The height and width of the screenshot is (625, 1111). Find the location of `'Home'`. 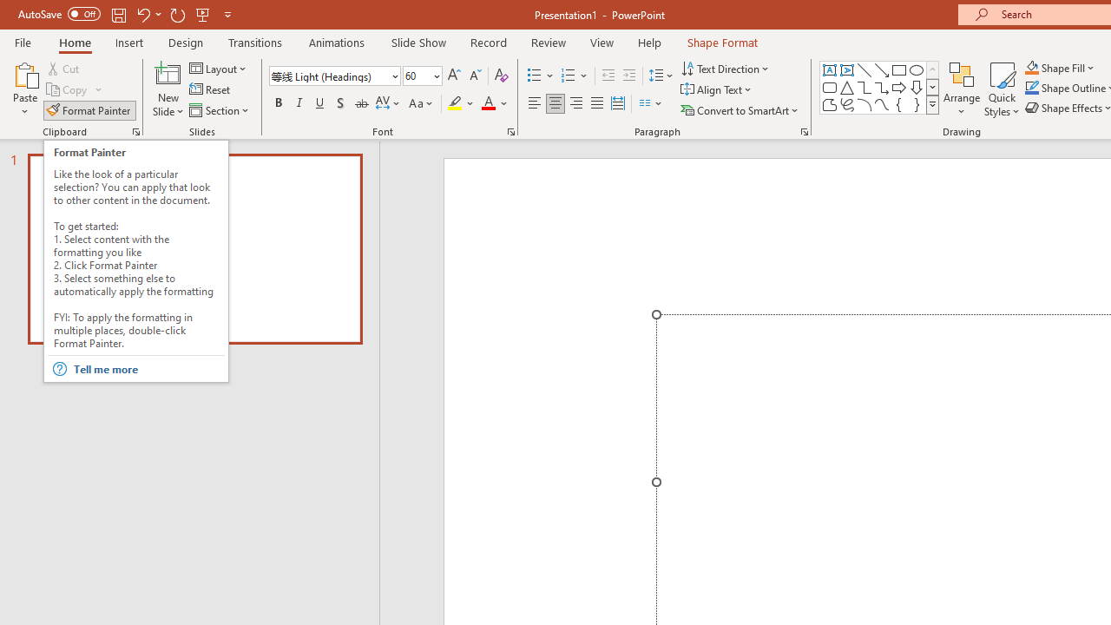

'Home' is located at coordinates (74, 42).